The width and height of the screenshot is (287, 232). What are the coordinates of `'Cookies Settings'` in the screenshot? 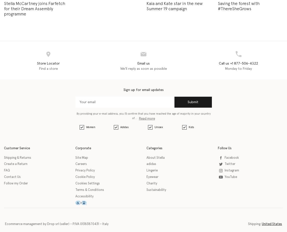 It's located at (87, 183).